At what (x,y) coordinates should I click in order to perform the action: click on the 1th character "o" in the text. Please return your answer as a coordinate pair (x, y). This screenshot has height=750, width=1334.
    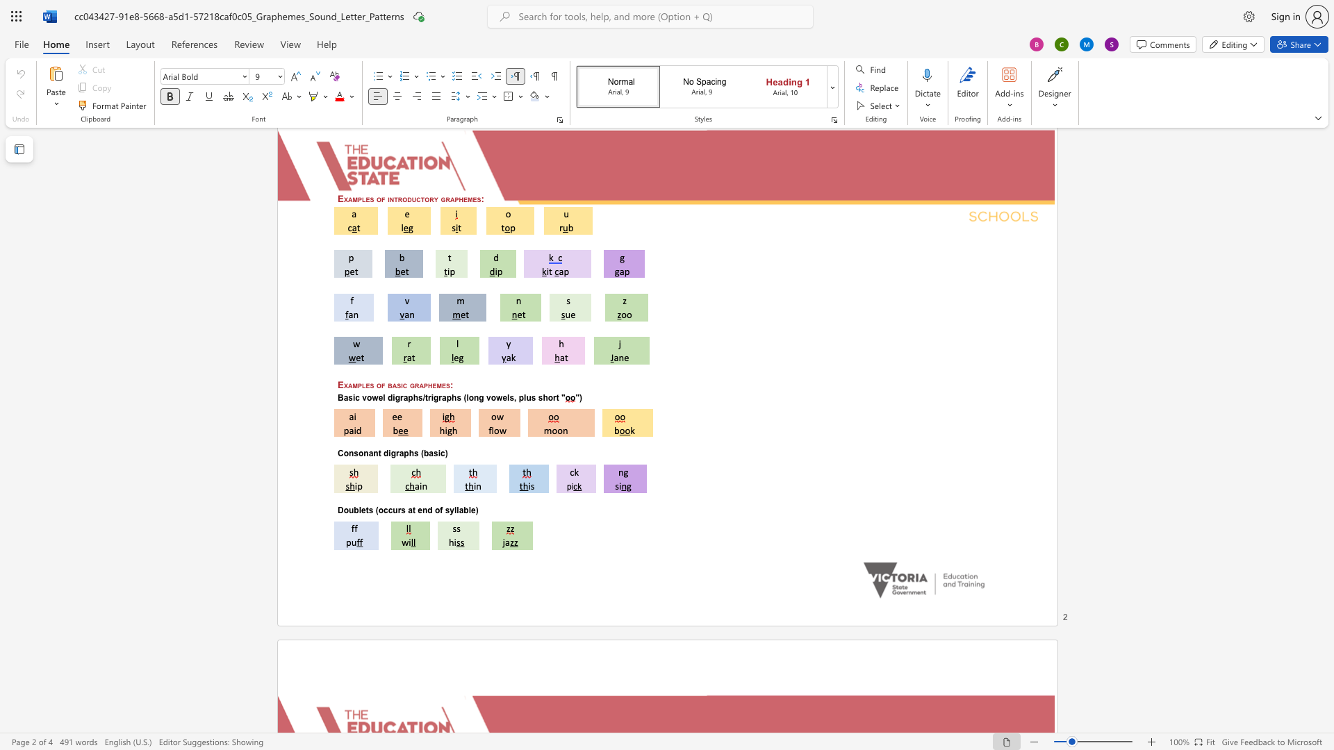
    Looking at the image, I should click on (346, 510).